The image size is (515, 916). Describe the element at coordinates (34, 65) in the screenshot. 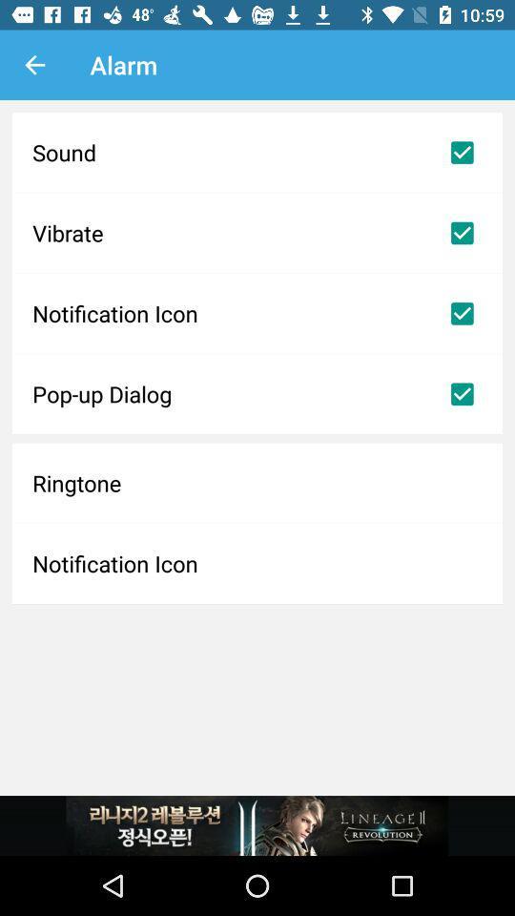

I see `the item above the sound` at that location.